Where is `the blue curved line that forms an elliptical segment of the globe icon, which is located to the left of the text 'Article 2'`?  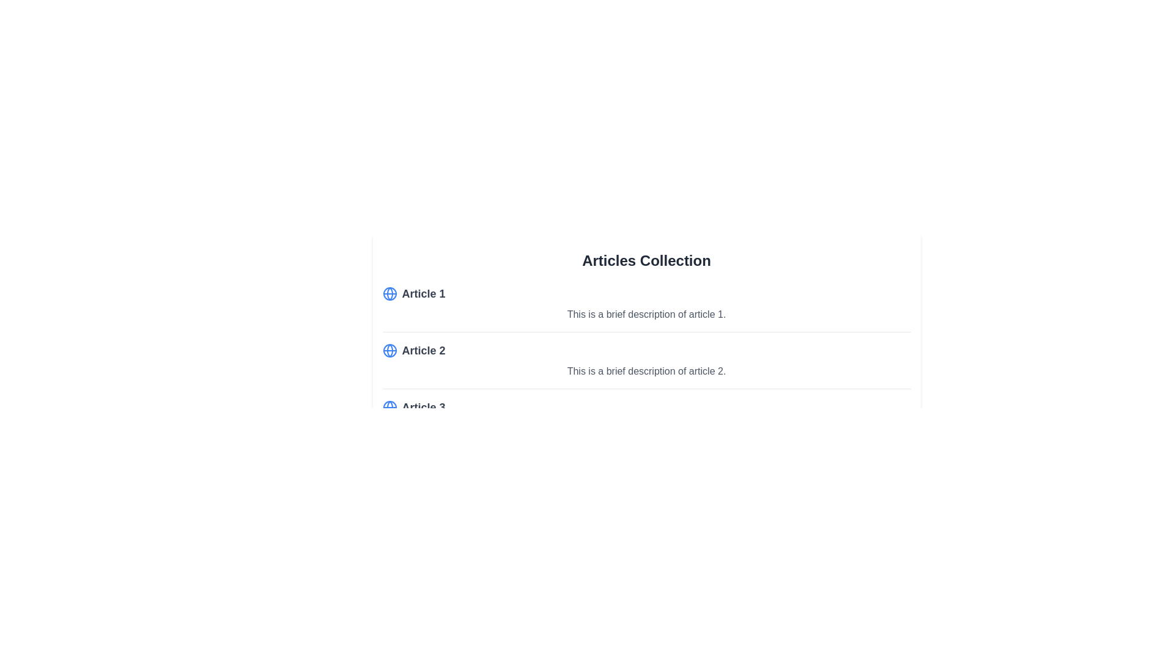
the blue curved line that forms an elliptical segment of the globe icon, which is located to the left of the text 'Article 2' is located at coordinates (389, 351).